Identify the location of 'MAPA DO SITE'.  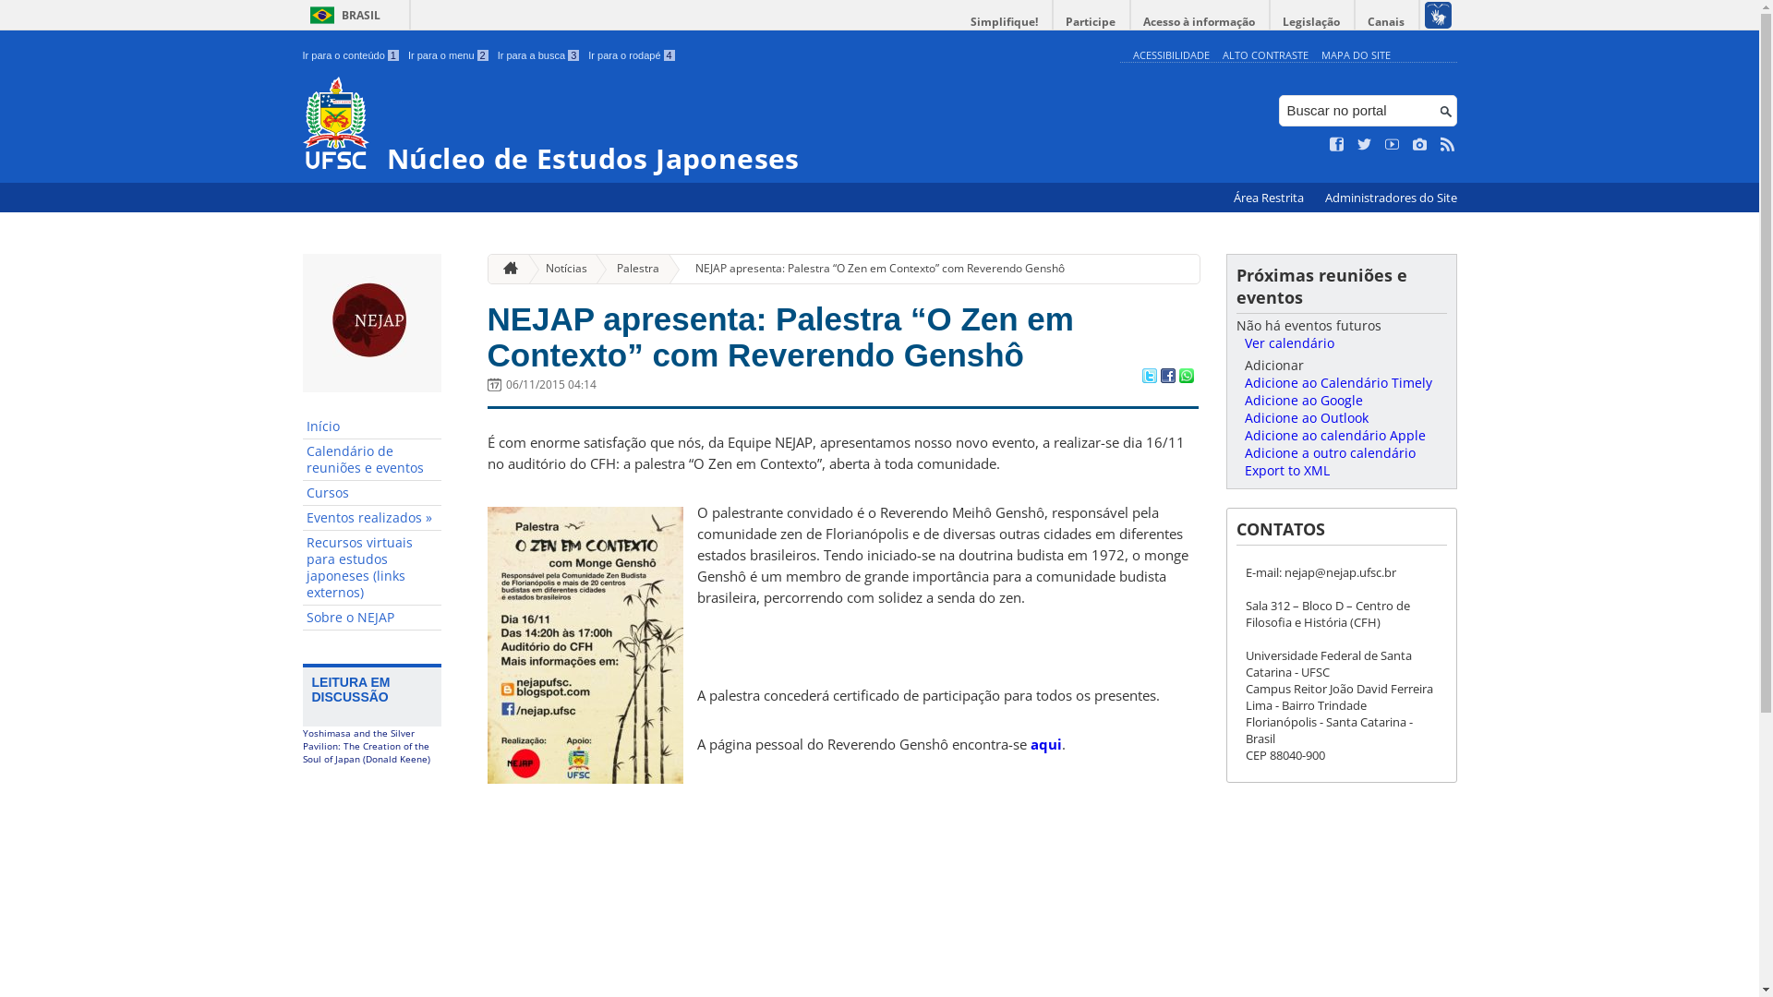
(1355, 54).